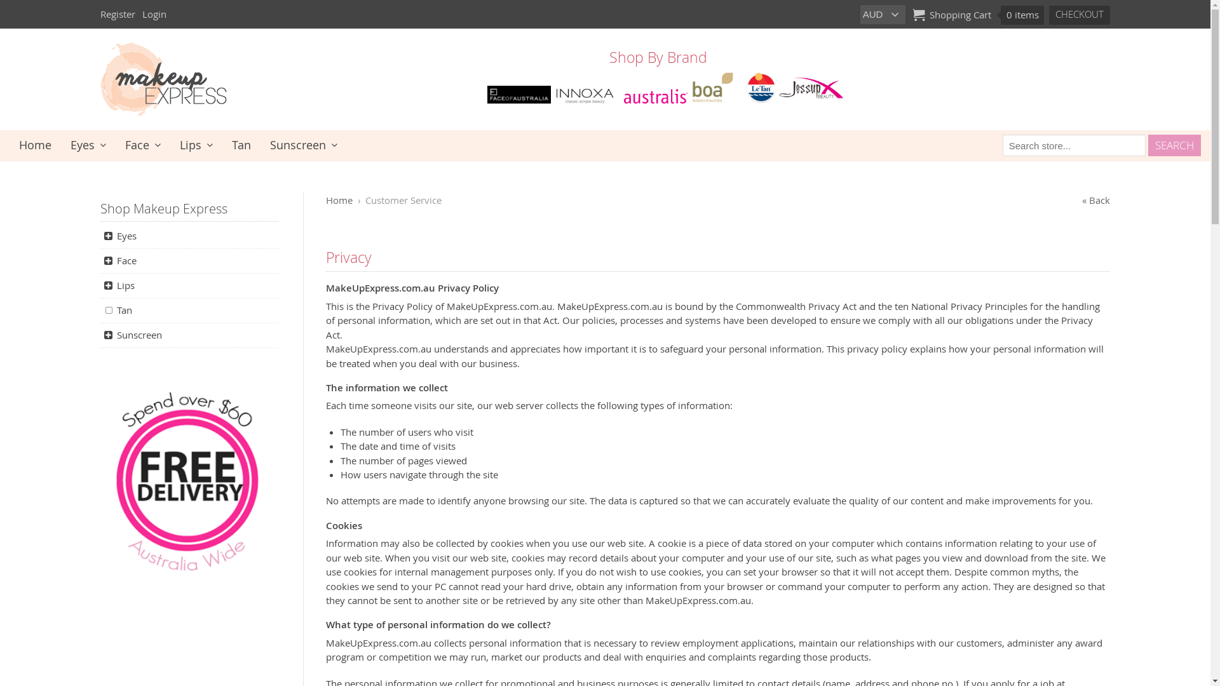 Image resolution: width=1220 pixels, height=686 pixels. What do you see at coordinates (188, 487) in the screenshot?
I see `'Free shipping $60 and over  - Australia wide'` at bounding box center [188, 487].